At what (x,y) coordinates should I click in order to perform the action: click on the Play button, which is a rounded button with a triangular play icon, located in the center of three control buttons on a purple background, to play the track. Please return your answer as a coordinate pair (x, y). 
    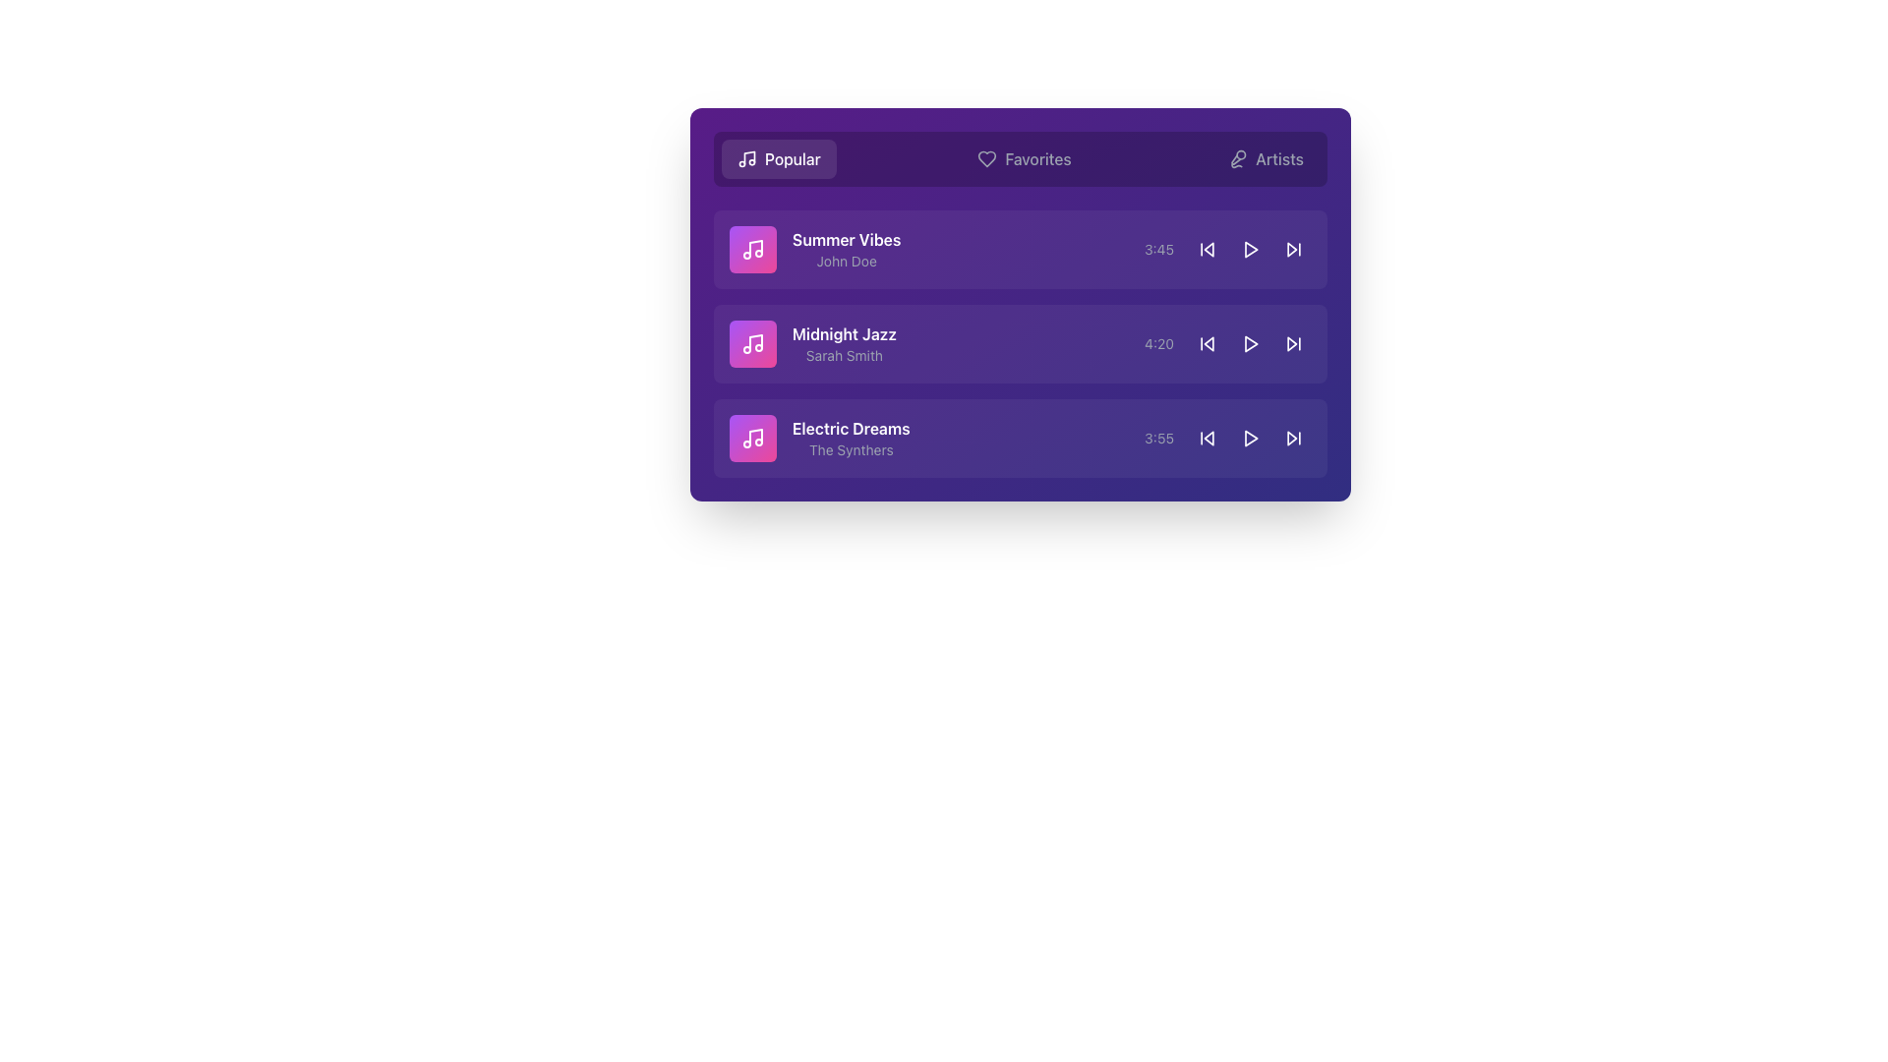
    Looking at the image, I should click on (1250, 249).